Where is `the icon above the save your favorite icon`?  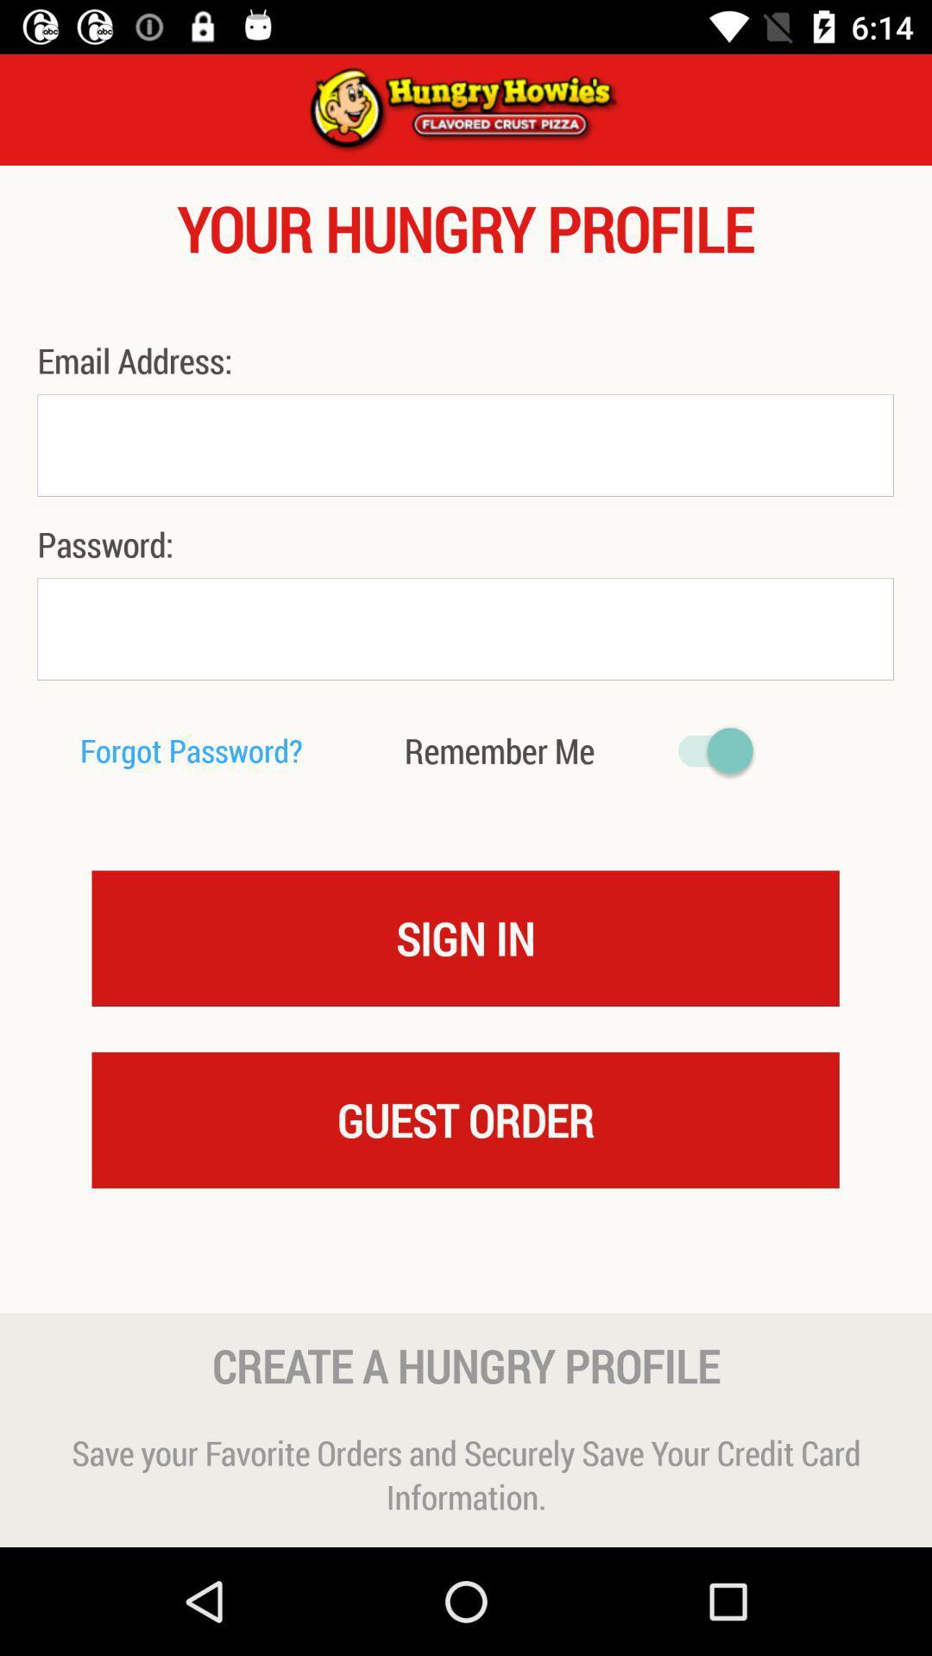 the icon above the save your favorite icon is located at coordinates (466, 1364).